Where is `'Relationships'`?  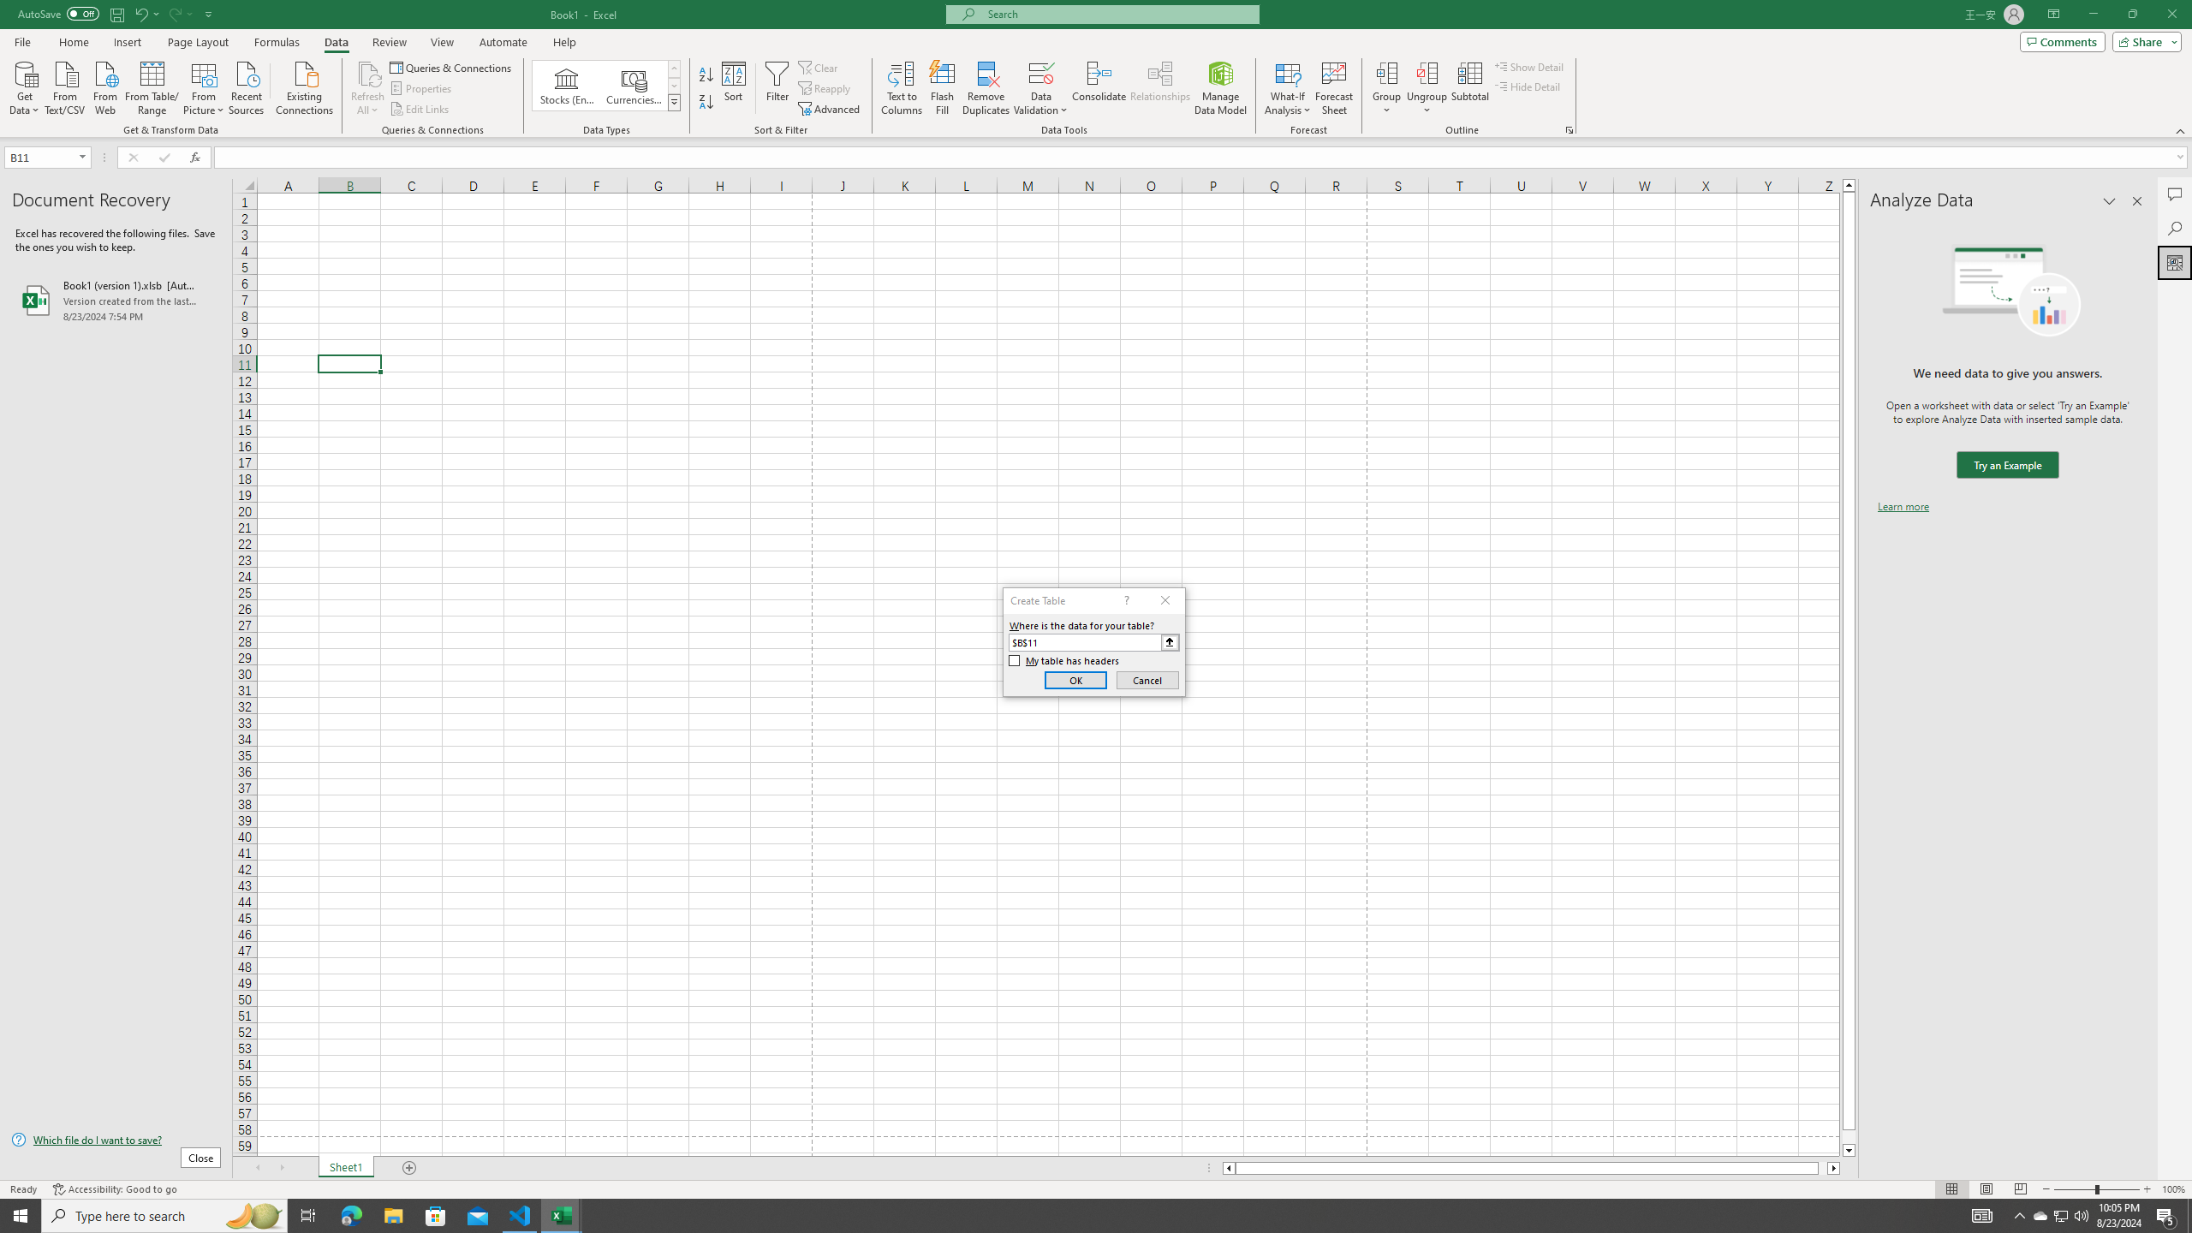
'Relationships' is located at coordinates (1159, 88).